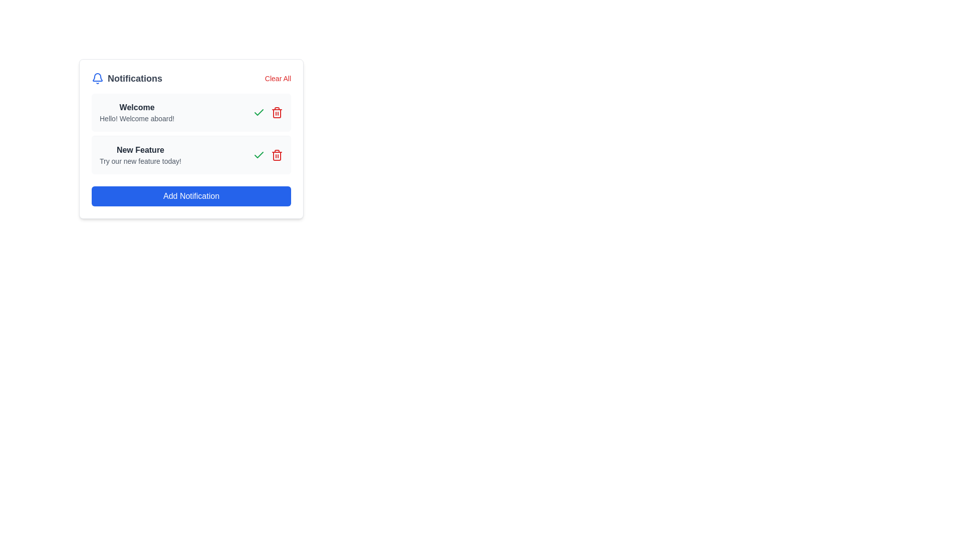 The width and height of the screenshot is (962, 541). What do you see at coordinates (277, 155) in the screenshot?
I see `the red trash bin icon` at bounding box center [277, 155].